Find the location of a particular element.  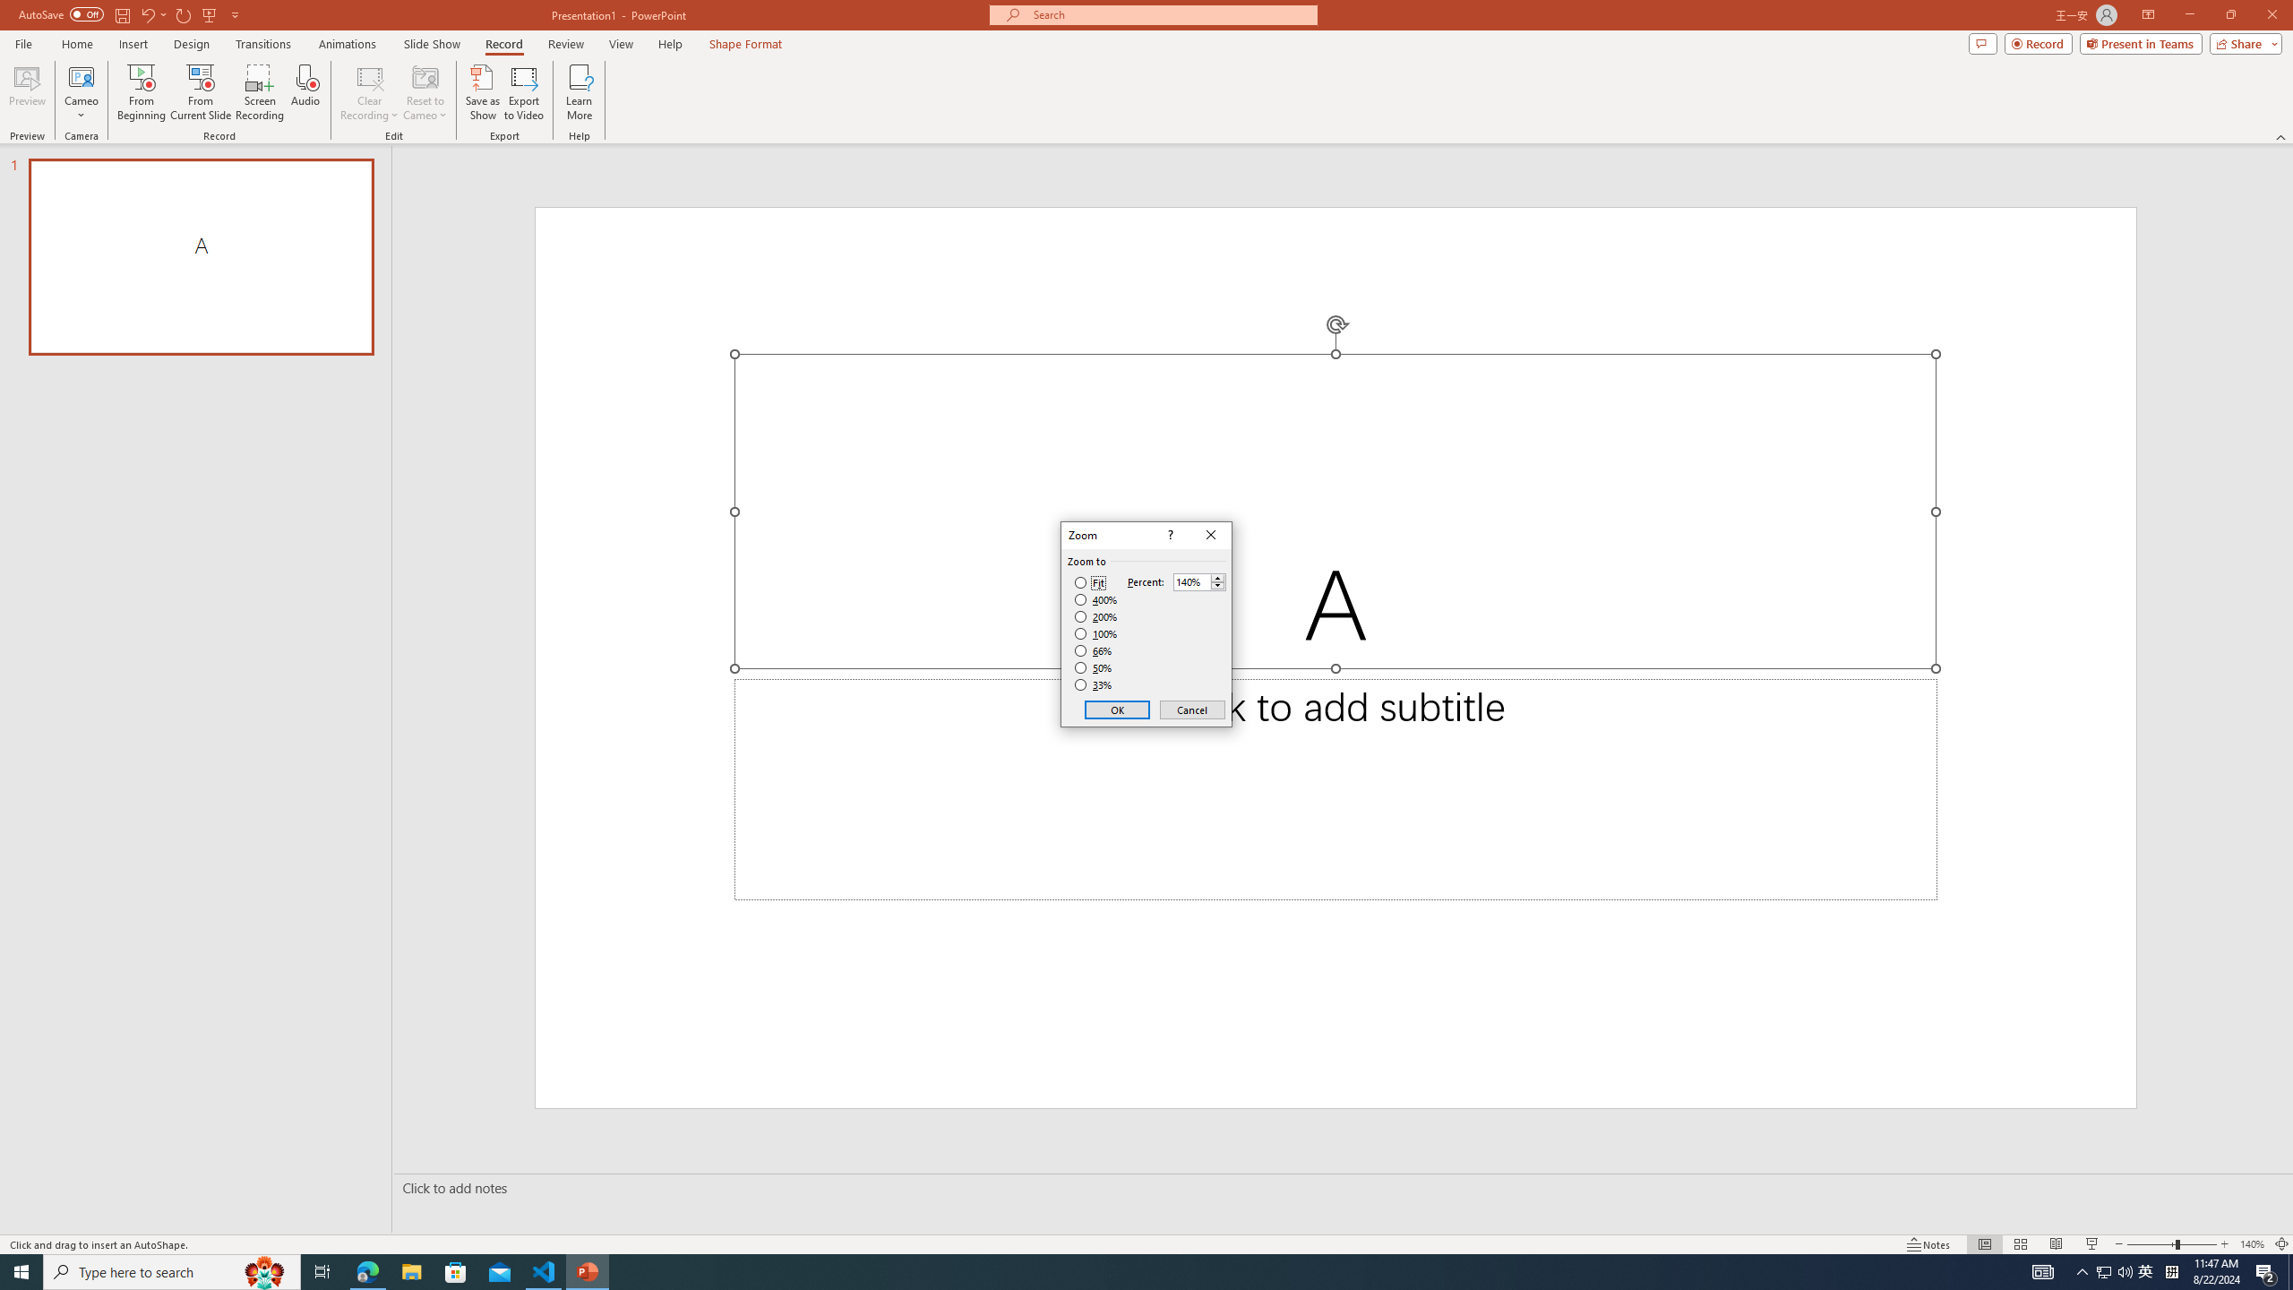

'Learn More' is located at coordinates (580, 92).